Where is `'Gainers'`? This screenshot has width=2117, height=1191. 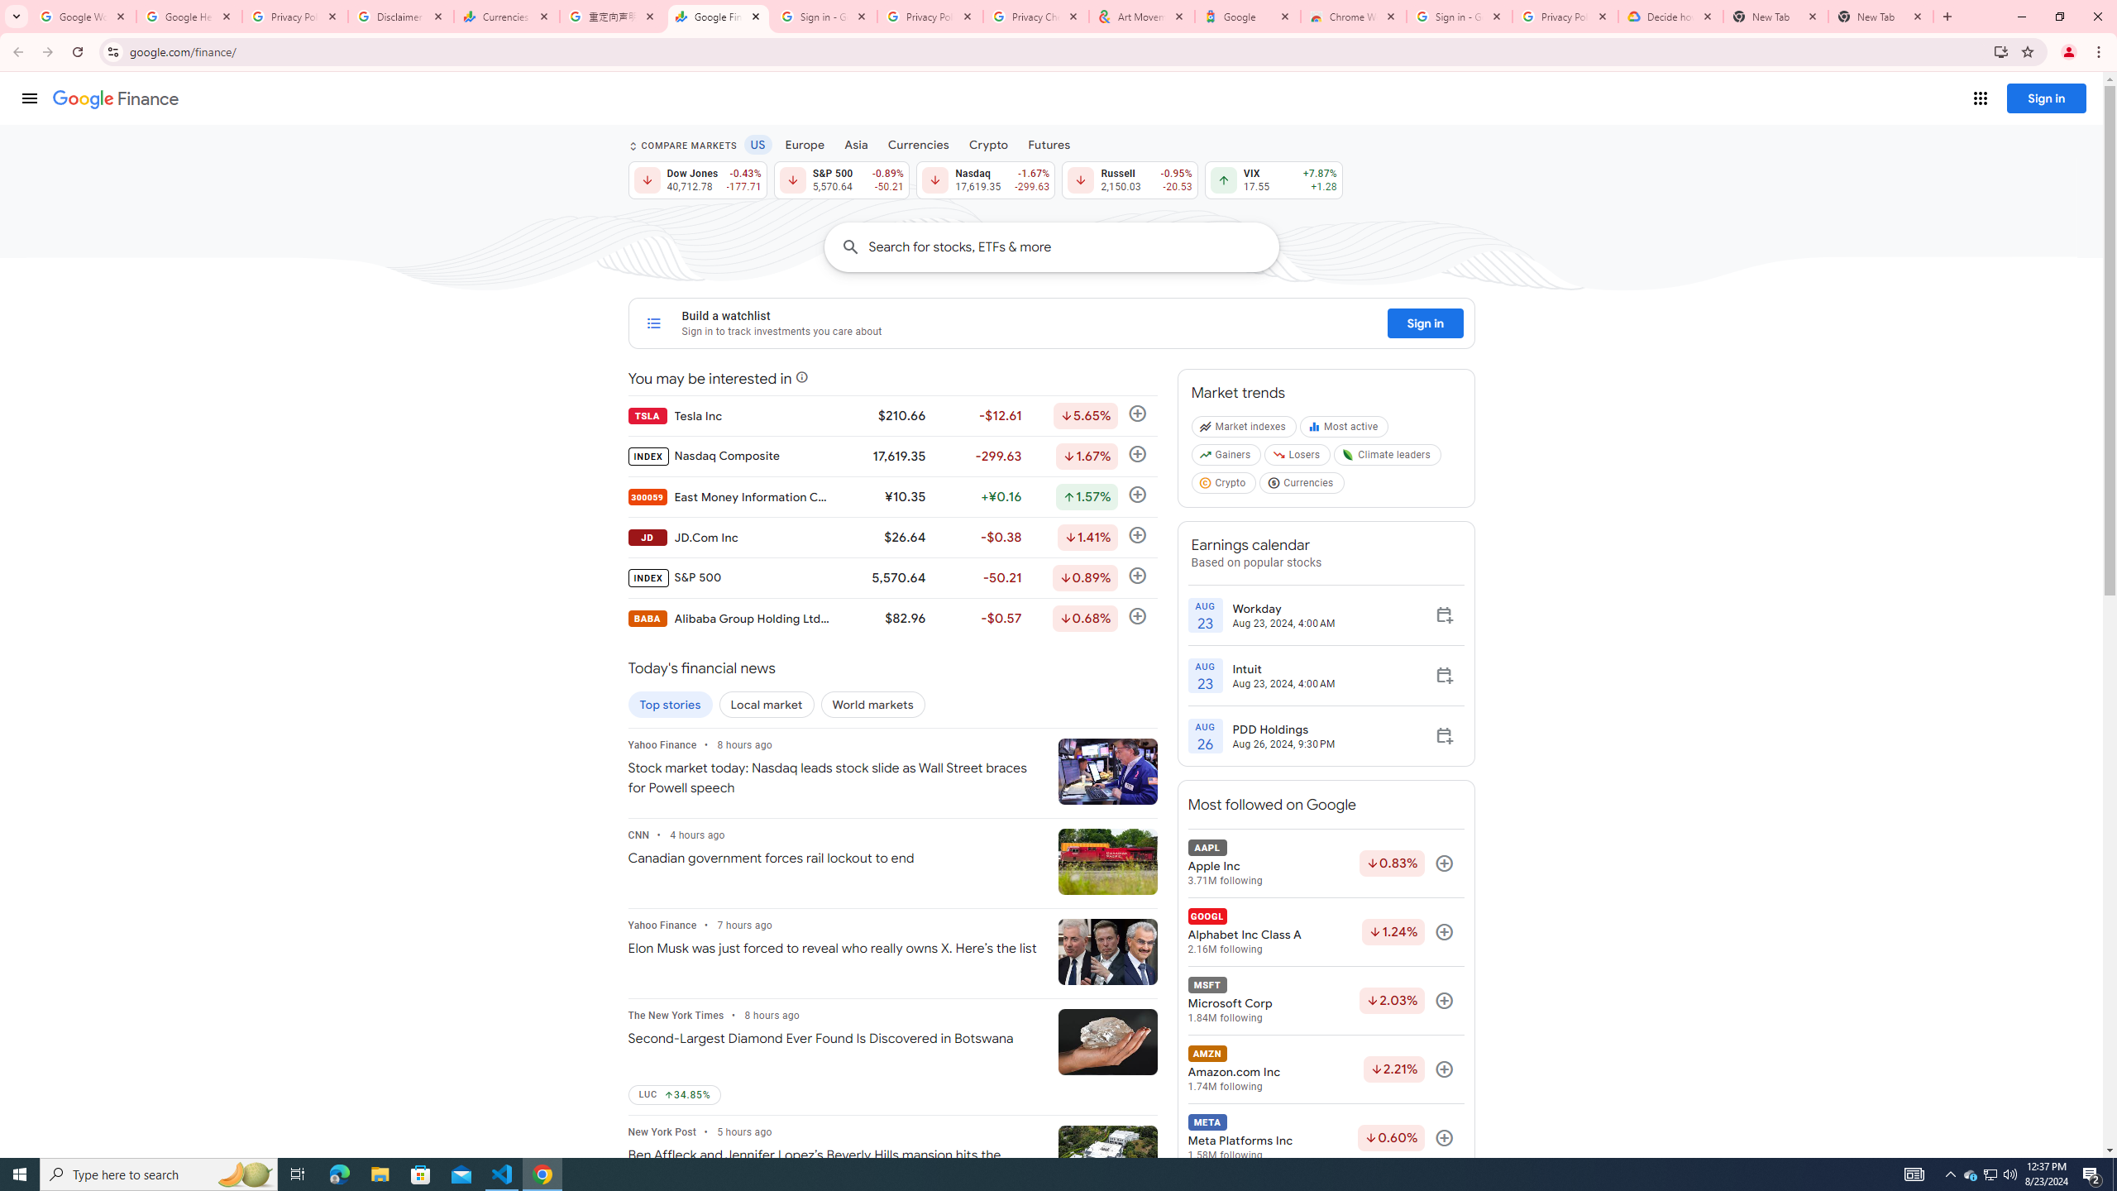
'Gainers' is located at coordinates (1226, 458).